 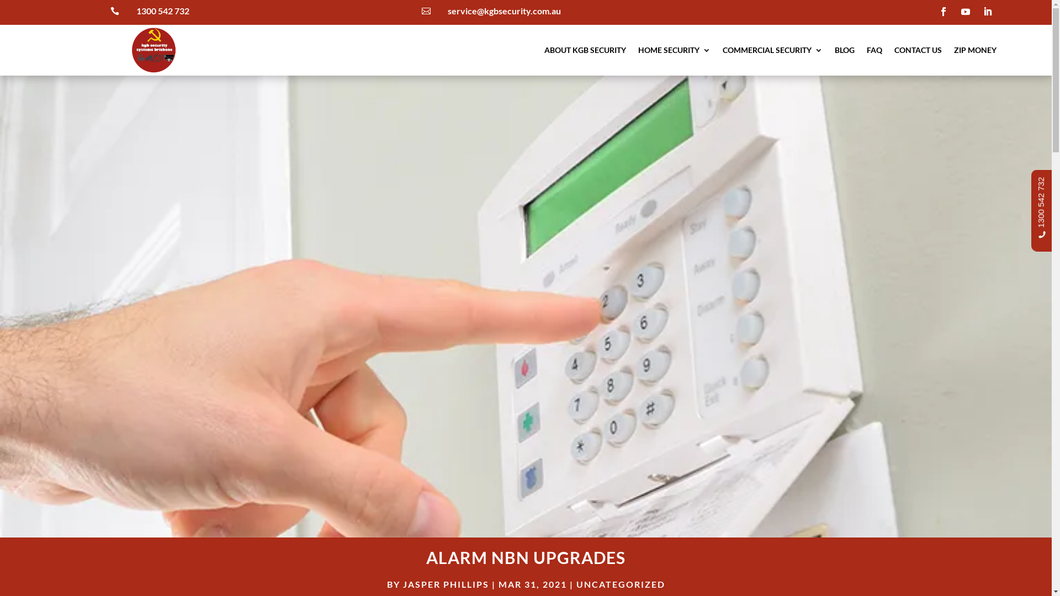 What do you see at coordinates (975, 52) in the screenshot?
I see `'ZIP MONEY'` at bounding box center [975, 52].